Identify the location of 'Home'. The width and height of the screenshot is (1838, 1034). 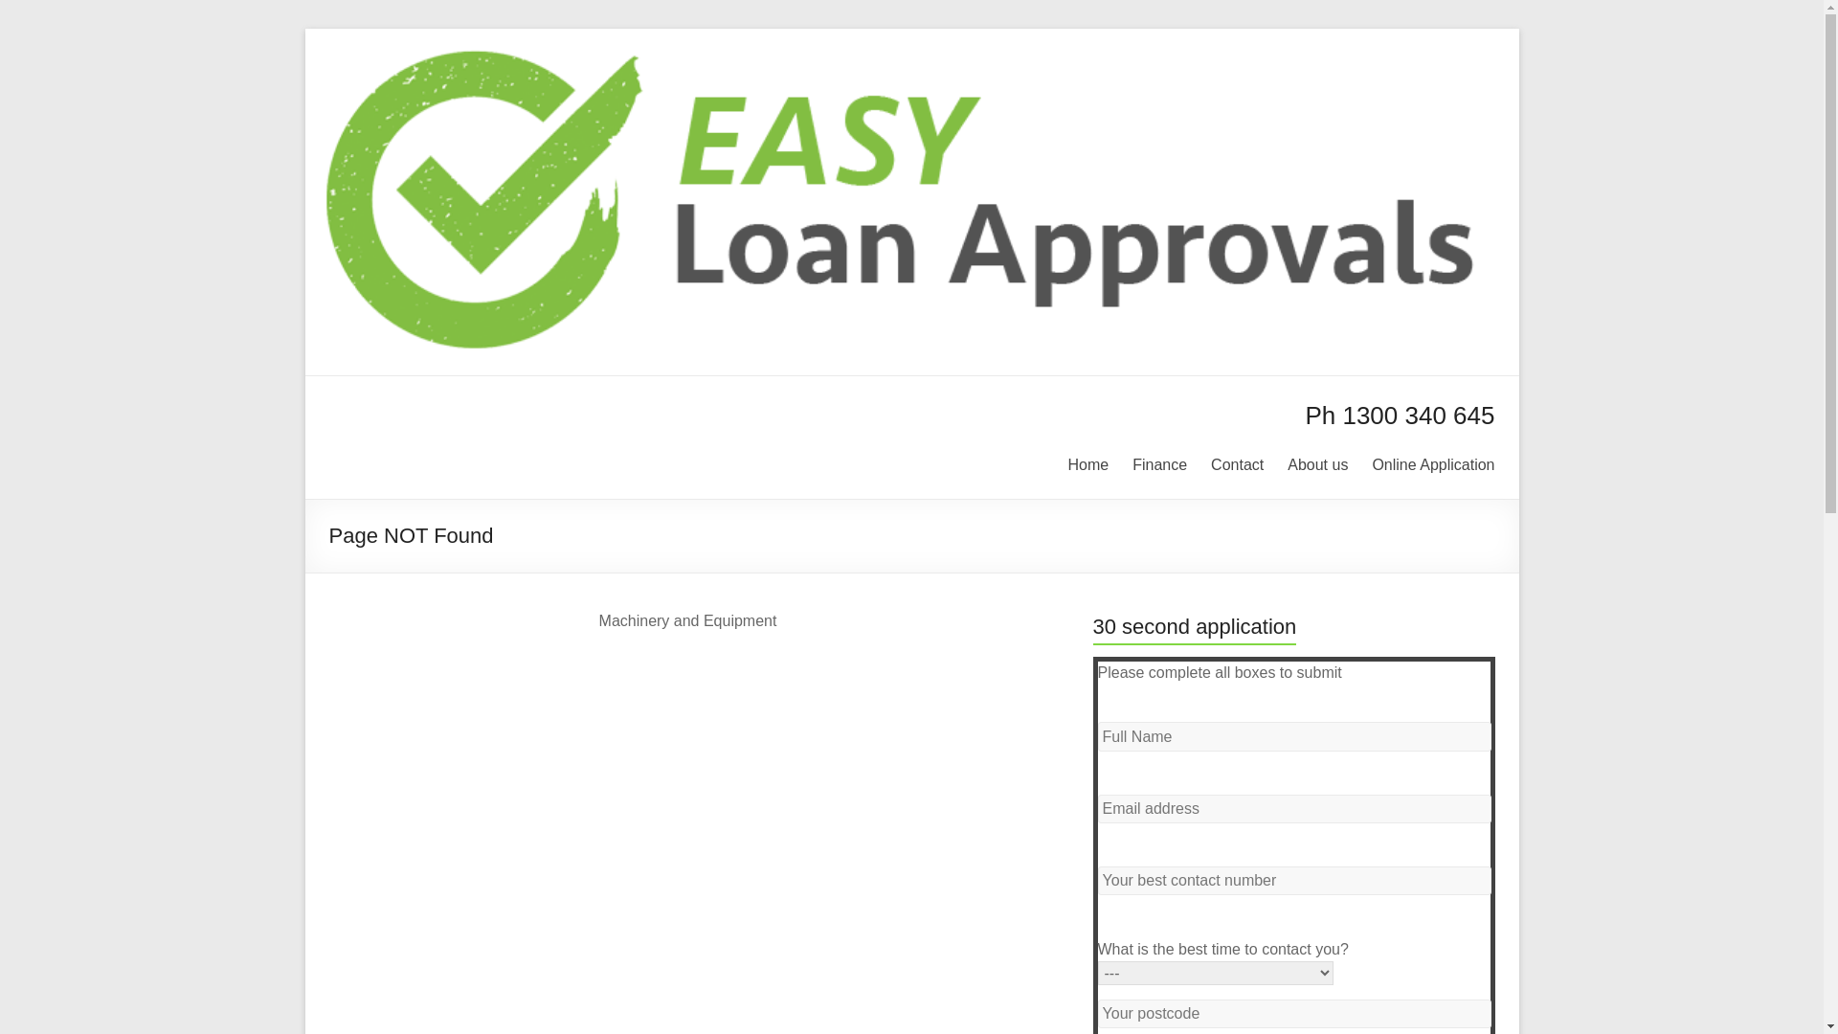
(1067, 461).